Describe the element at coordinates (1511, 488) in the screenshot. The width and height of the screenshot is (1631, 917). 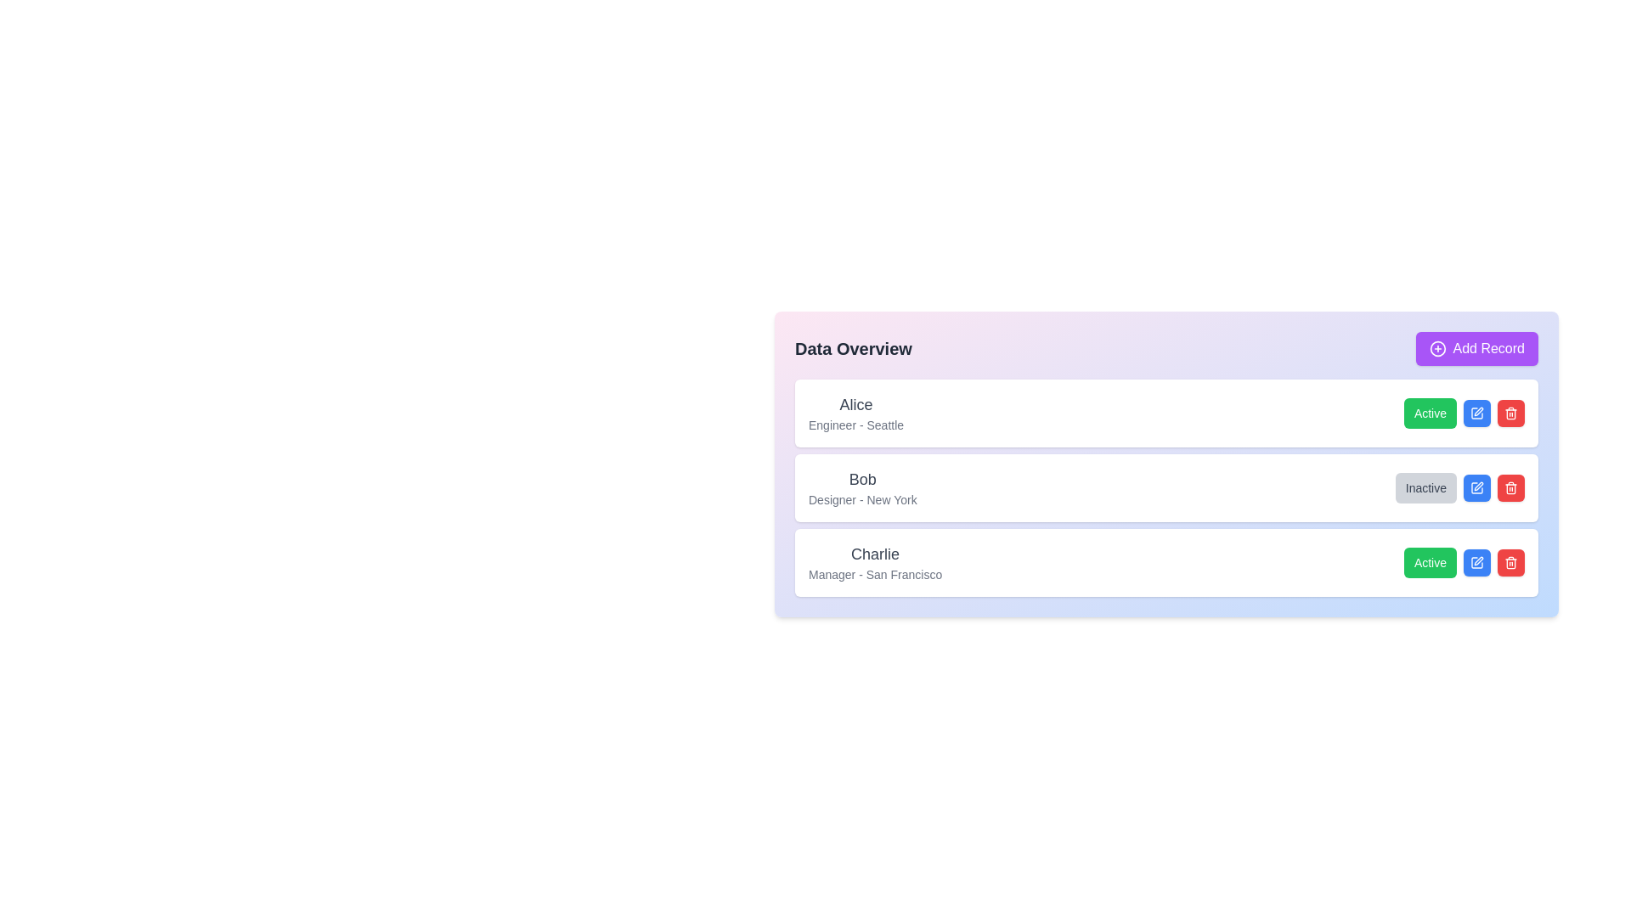
I see `the middle segment of the trash can icon, which is a trapezoidal shape with rounded corners, located in the far-right of the 'Bob' user entry row` at that location.